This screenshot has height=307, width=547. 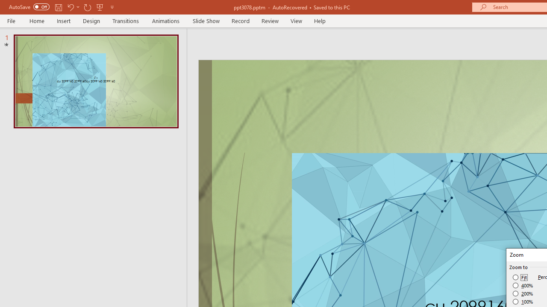 What do you see at coordinates (523, 285) in the screenshot?
I see `'400%'` at bounding box center [523, 285].